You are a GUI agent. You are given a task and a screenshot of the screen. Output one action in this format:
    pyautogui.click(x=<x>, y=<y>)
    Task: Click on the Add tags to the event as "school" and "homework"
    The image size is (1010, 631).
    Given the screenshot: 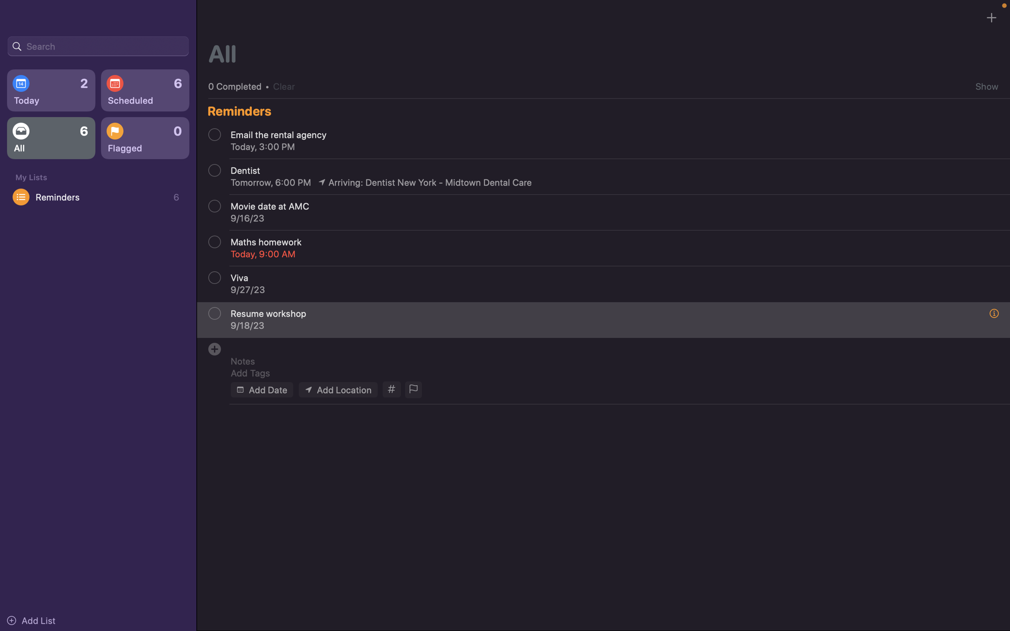 What is the action you would take?
    pyautogui.click(x=390, y=389)
    